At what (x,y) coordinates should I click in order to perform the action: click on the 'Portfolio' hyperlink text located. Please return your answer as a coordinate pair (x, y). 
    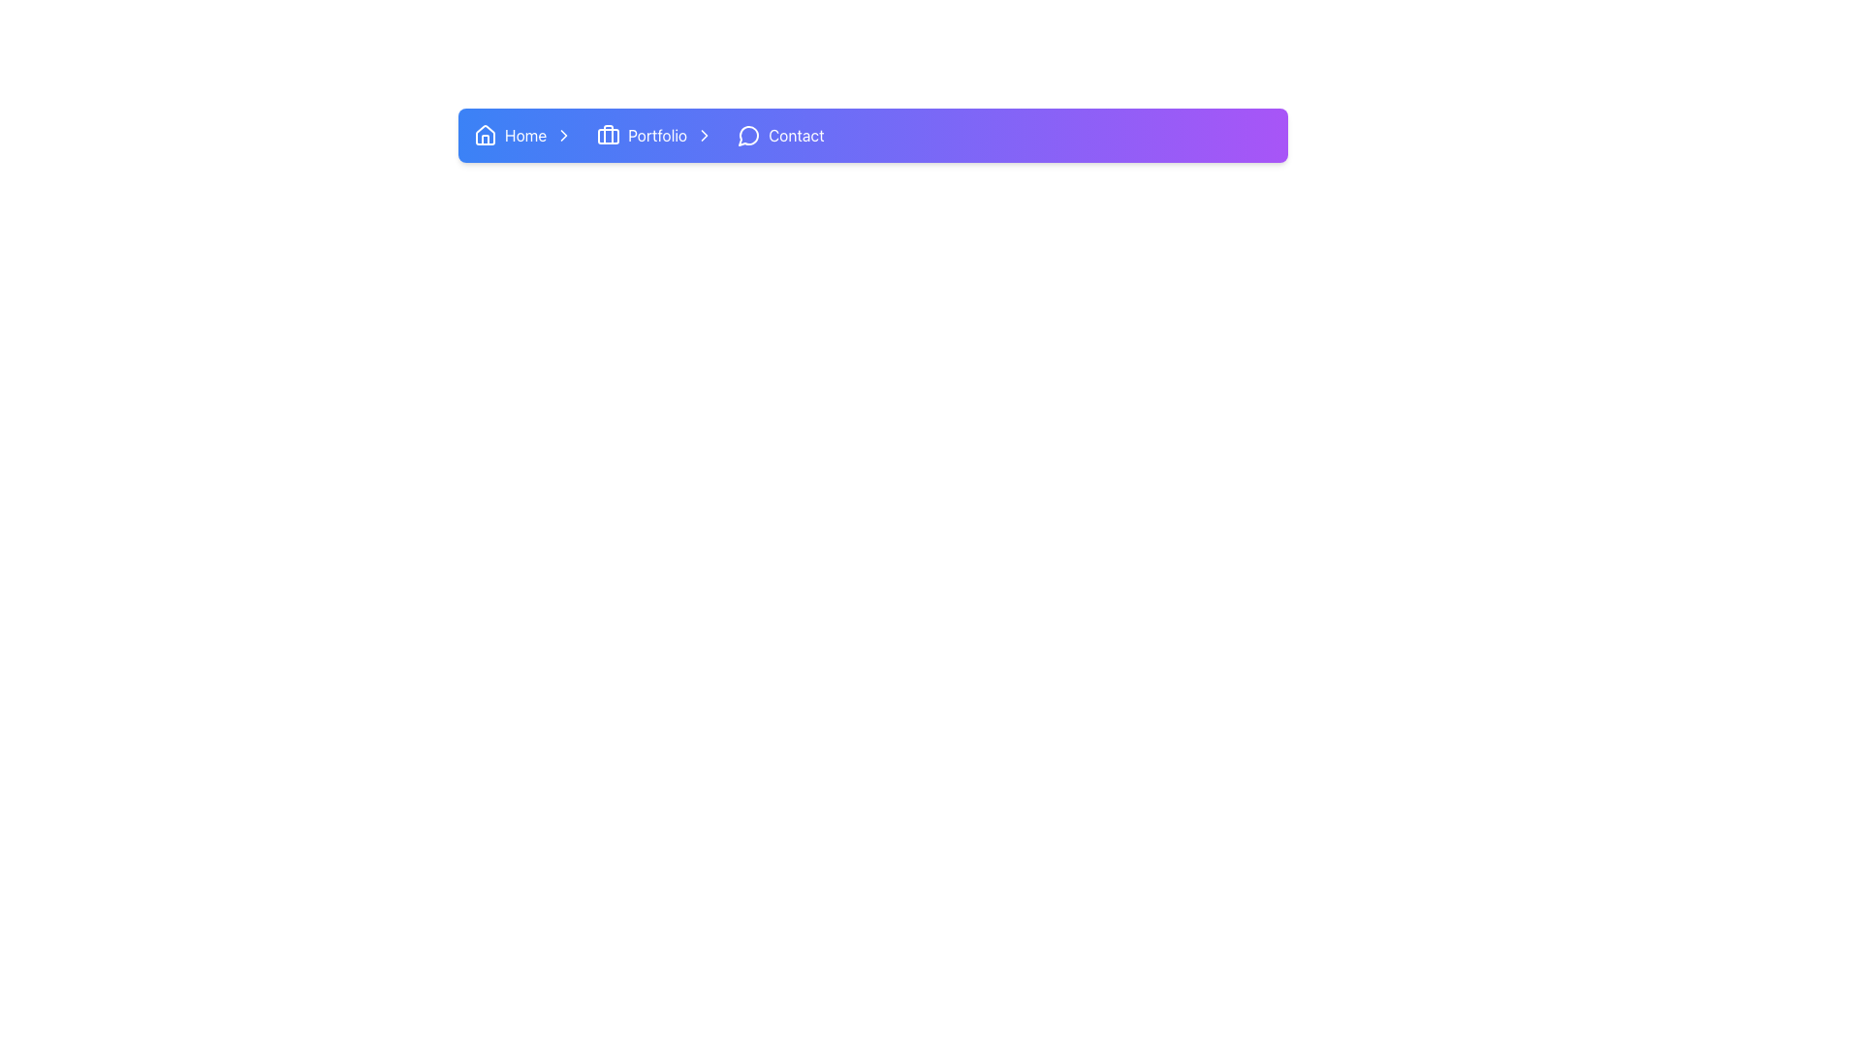
    Looking at the image, I should click on (659, 134).